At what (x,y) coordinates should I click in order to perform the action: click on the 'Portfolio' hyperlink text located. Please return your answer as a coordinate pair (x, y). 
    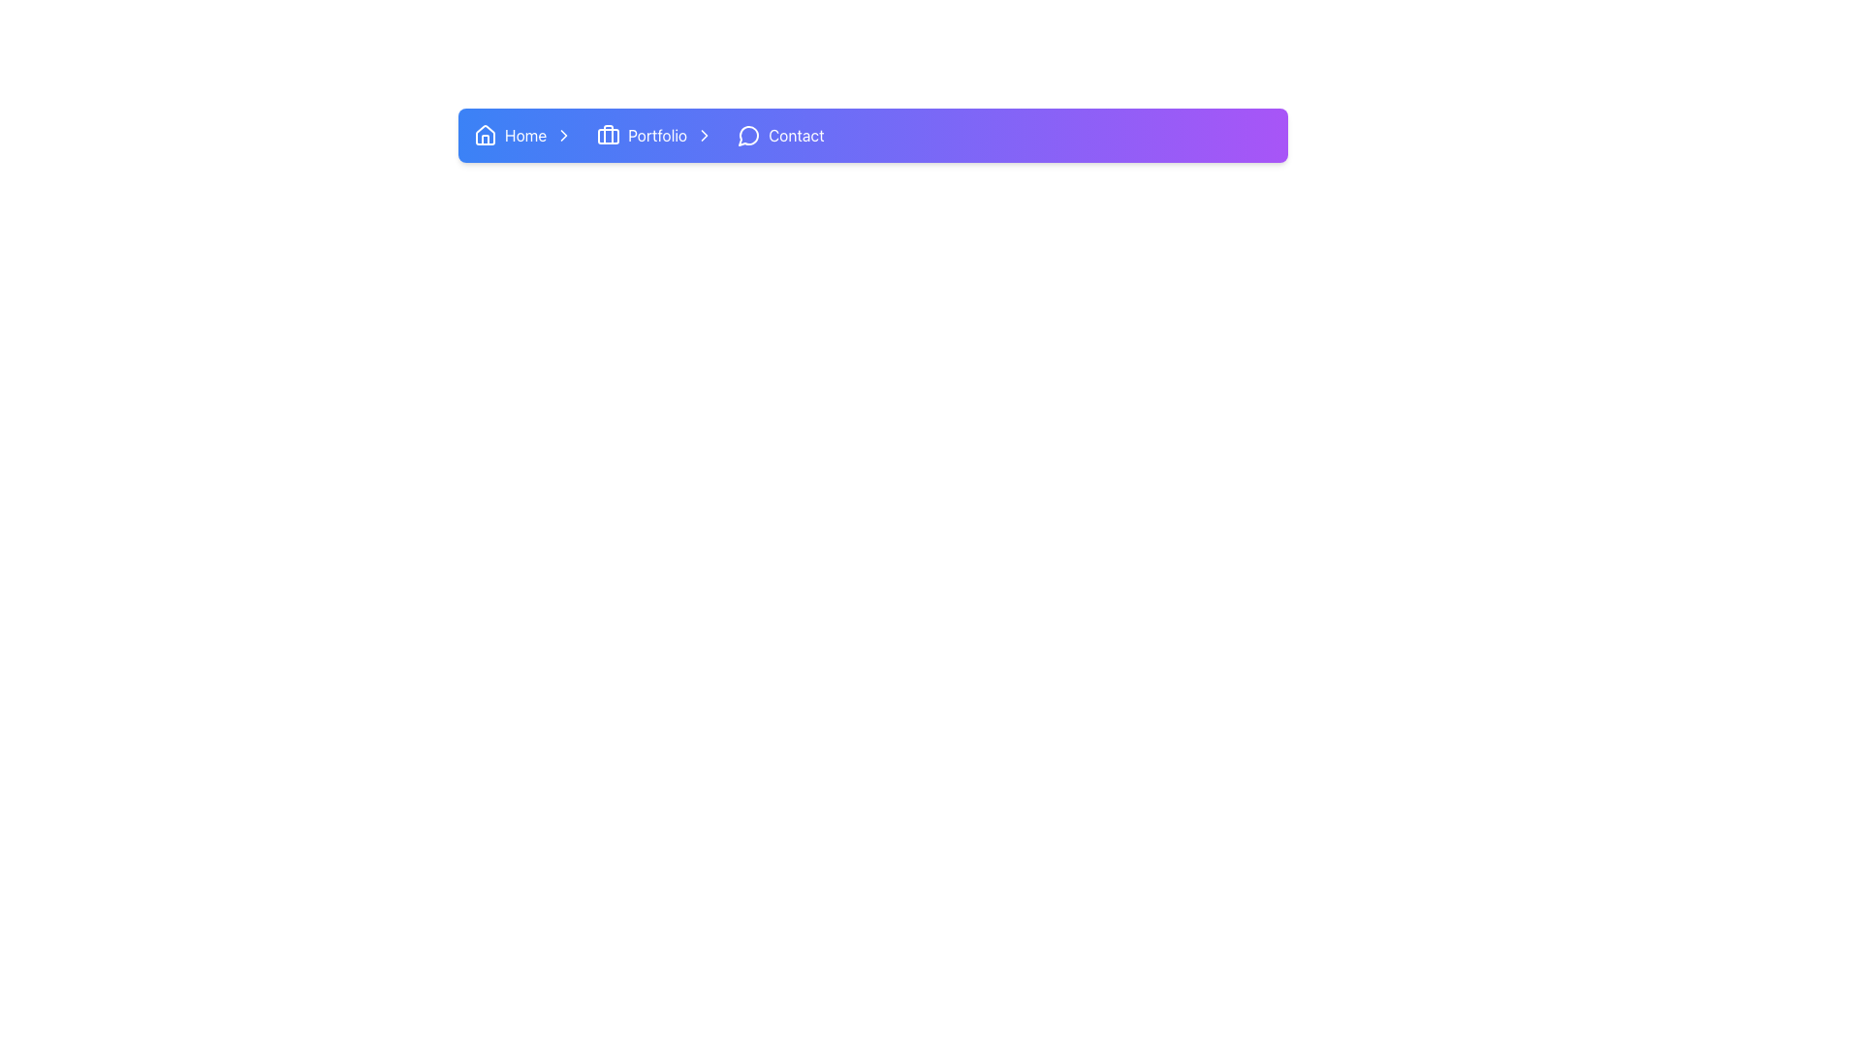
    Looking at the image, I should click on (659, 134).